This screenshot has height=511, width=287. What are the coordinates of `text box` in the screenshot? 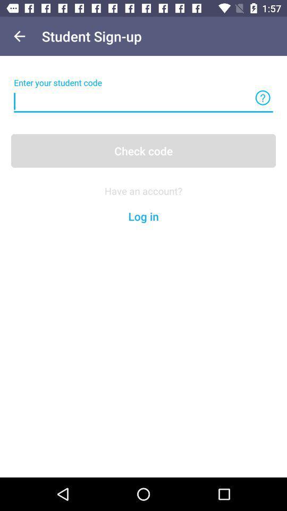 It's located at (143, 101).